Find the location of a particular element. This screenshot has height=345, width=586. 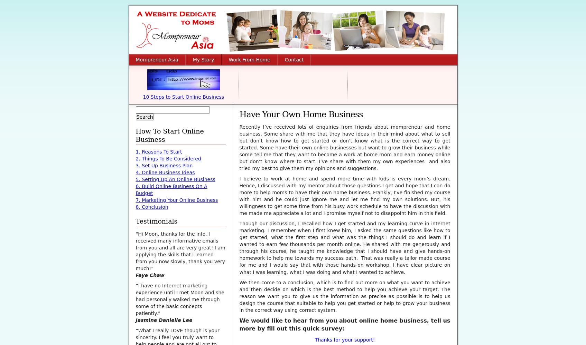

'I believe to work at home and spend more time with kids is every mom’s dream. Hence, I discussed with my mentor about those questions I get and hope that I can do more to help moms to have their own home business. Frankly, I’ve finished my course with him and he could just ignore me and let me find my own solutions. But, his willingness to get some time from his busy work schedule to have the discussion with me made me appreciate a lot and I promise myself not to disappoint him in this field.' is located at coordinates (344, 195).